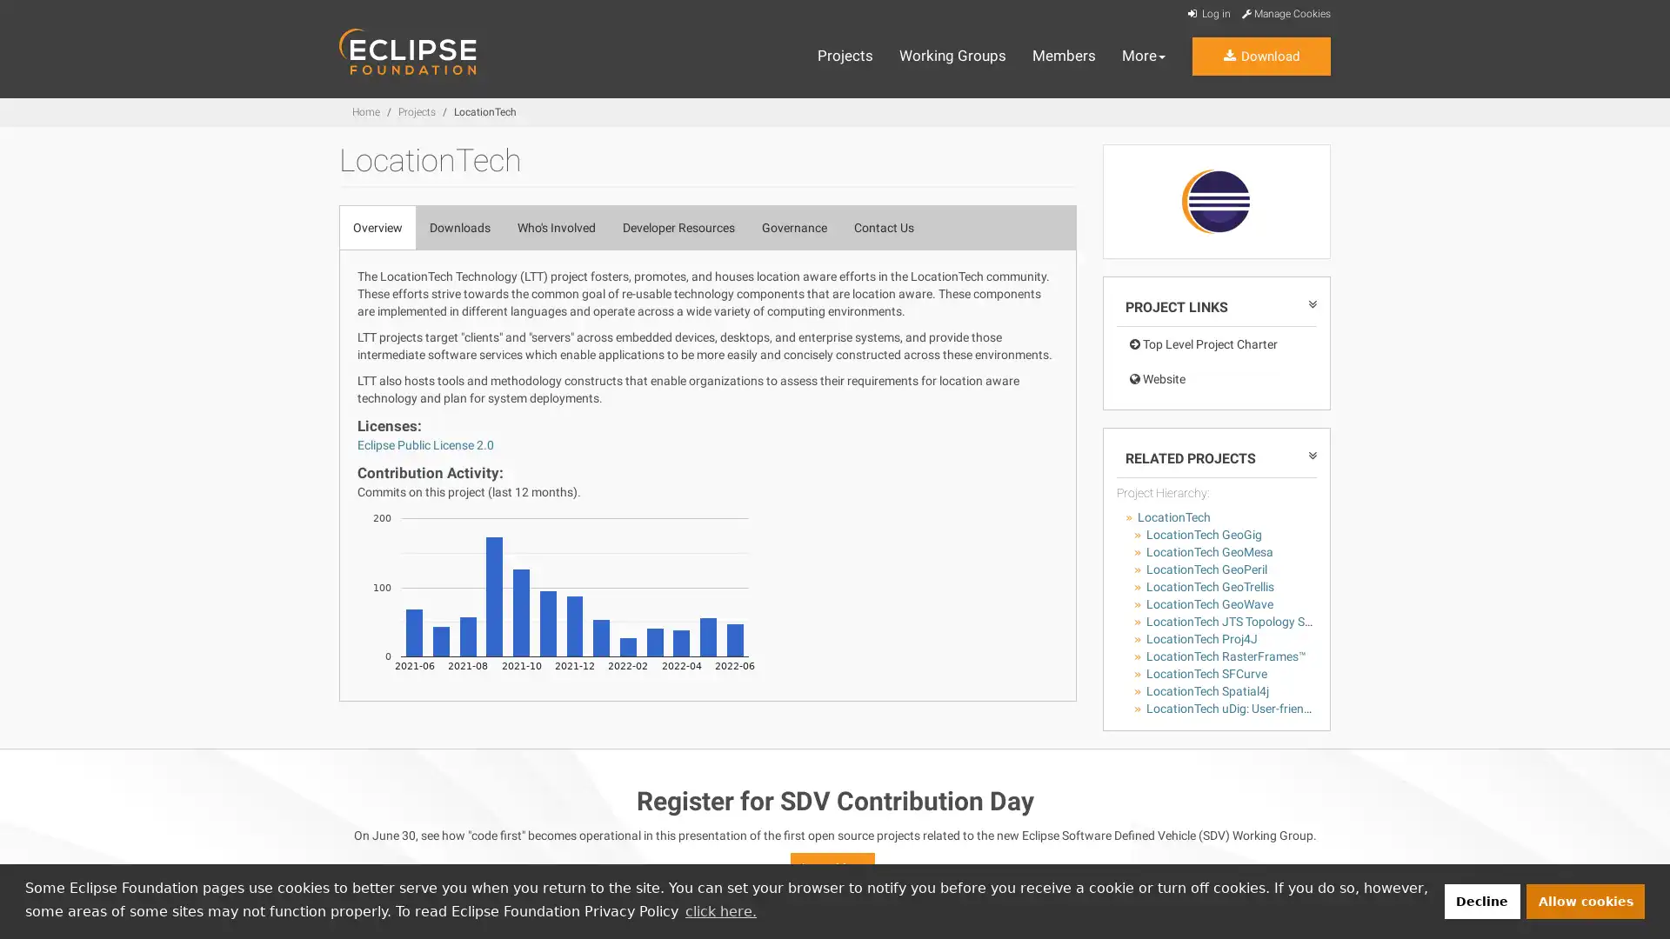  What do you see at coordinates (720, 910) in the screenshot?
I see `learn more about cookies` at bounding box center [720, 910].